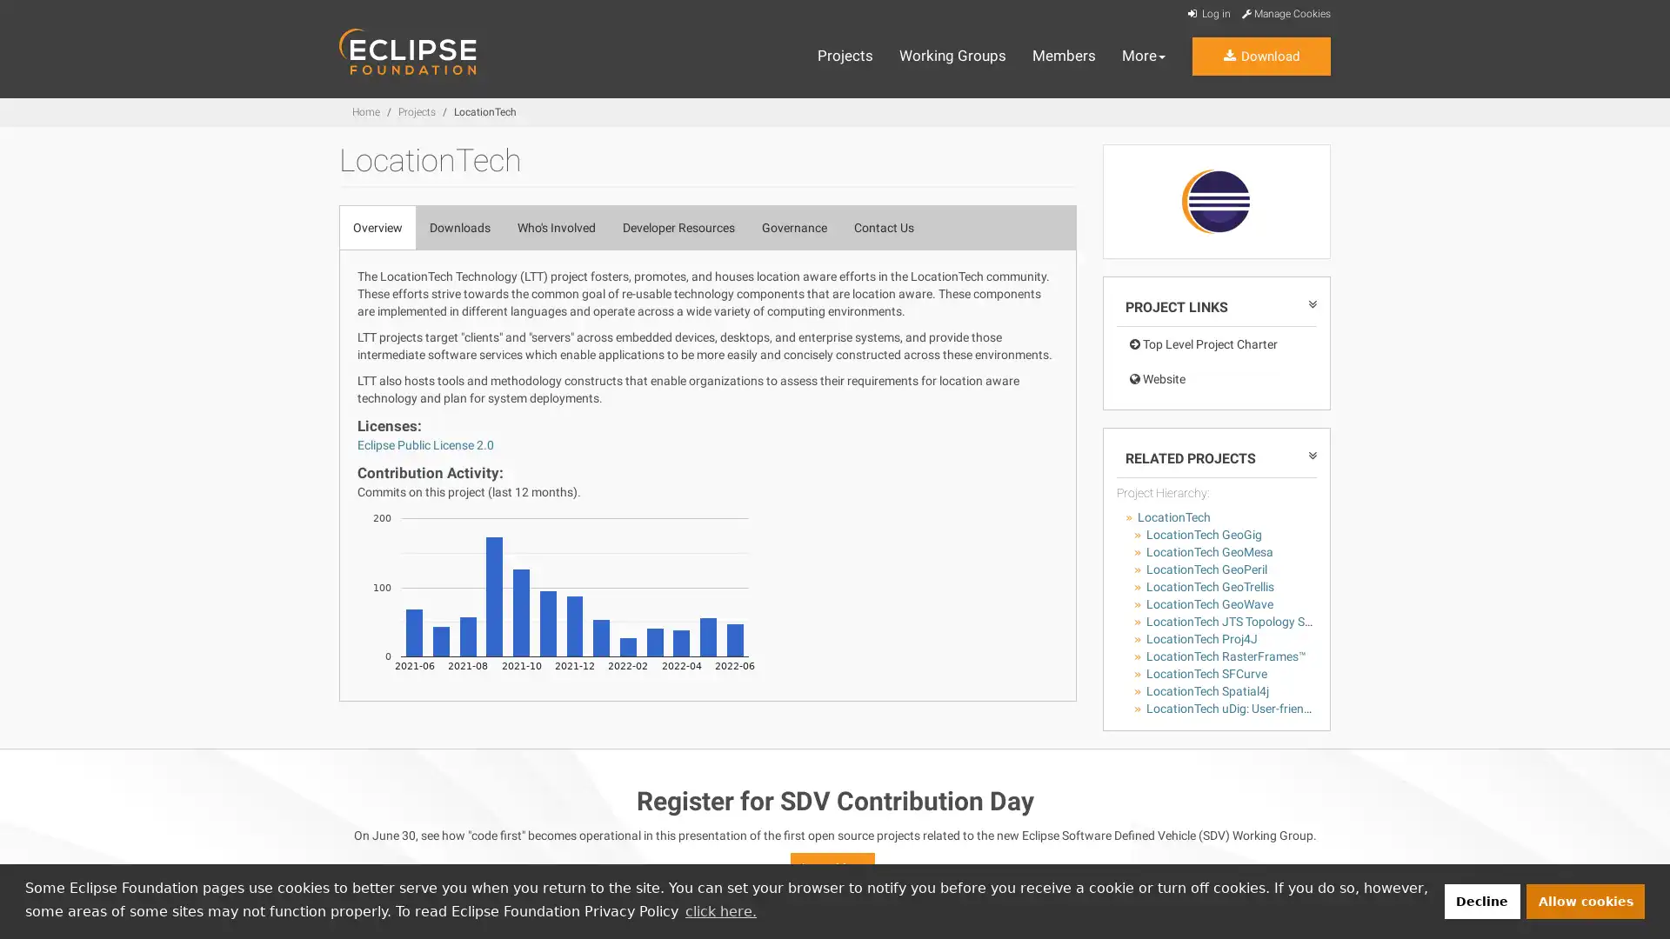  What do you see at coordinates (720, 910) in the screenshot?
I see `learn more about cookies` at bounding box center [720, 910].